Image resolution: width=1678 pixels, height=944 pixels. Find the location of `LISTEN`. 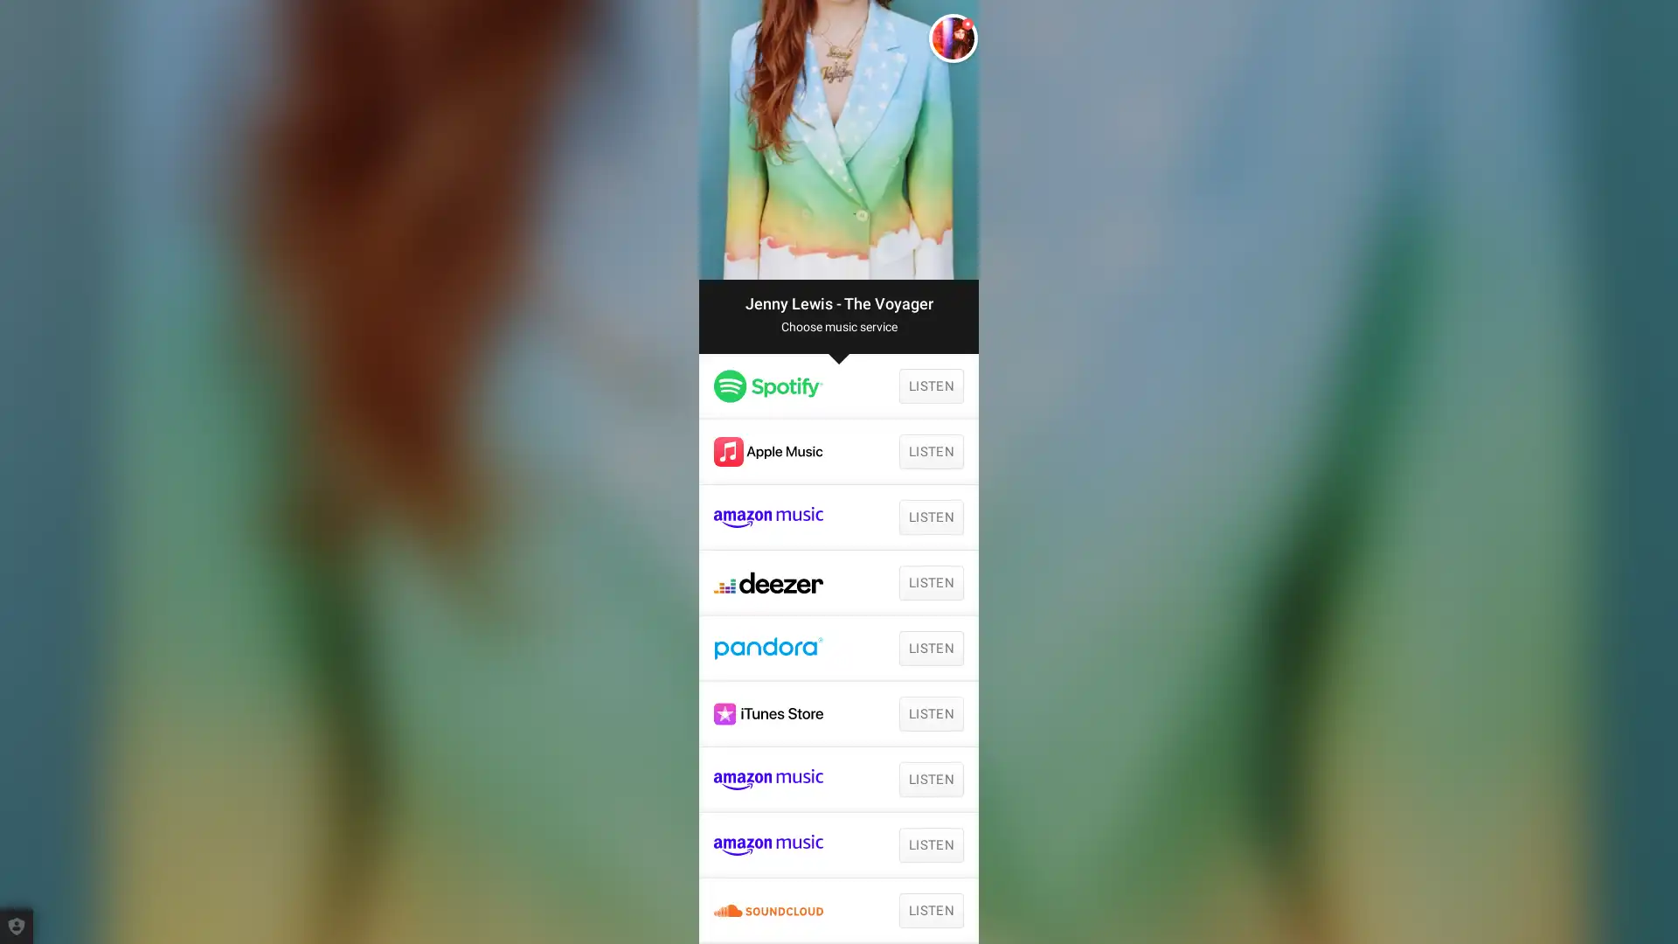

LISTEN is located at coordinates (930, 714).